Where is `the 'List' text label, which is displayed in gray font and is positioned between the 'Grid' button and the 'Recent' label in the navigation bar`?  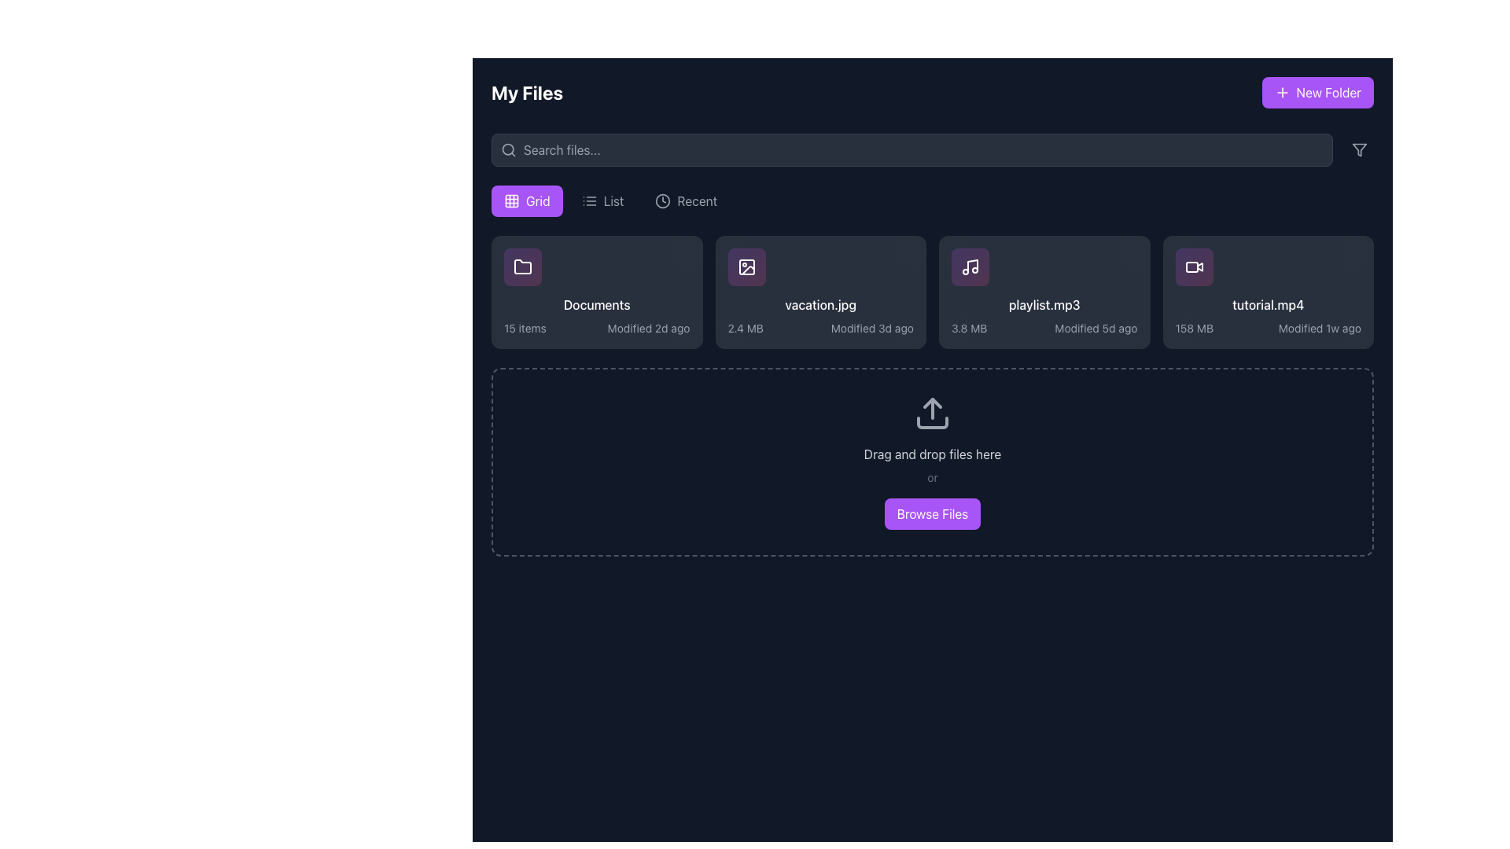
the 'List' text label, which is displayed in gray font and is positioned between the 'Grid' button and the 'Recent' label in the navigation bar is located at coordinates (613, 200).